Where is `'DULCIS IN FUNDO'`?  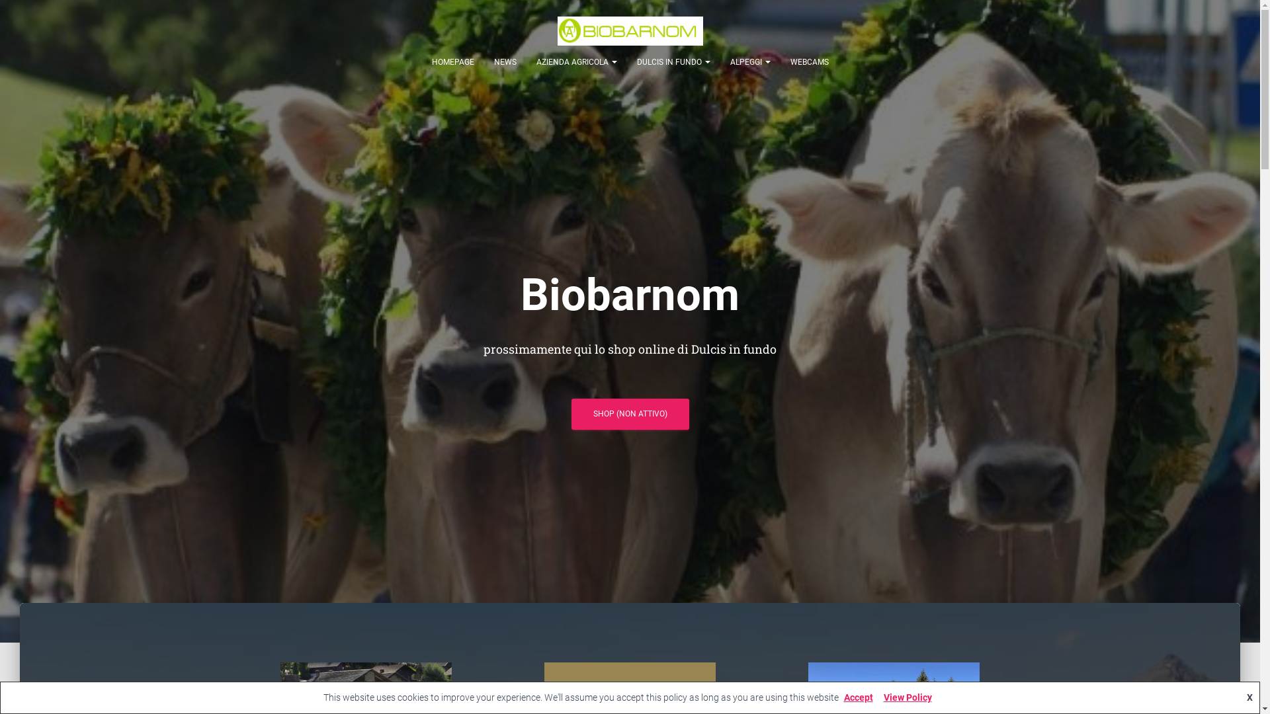
'DULCIS IN FUNDO' is located at coordinates (626, 61).